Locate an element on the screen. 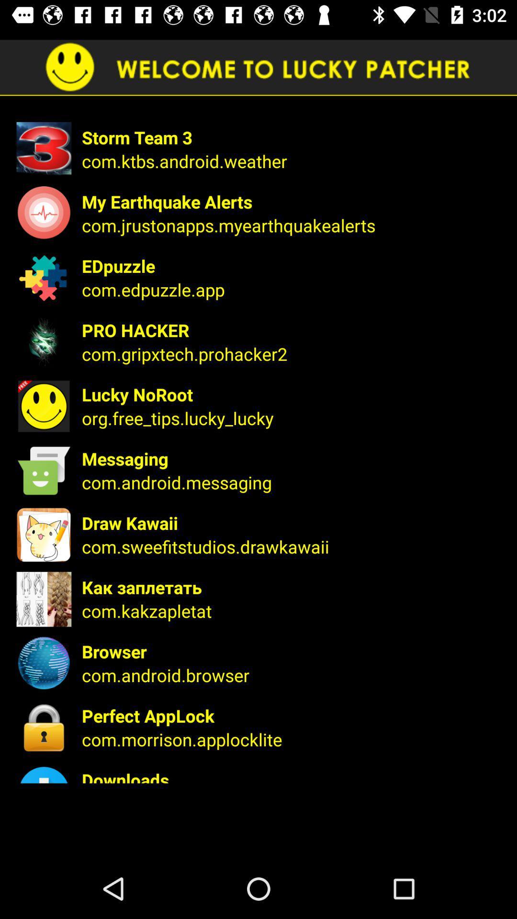 The width and height of the screenshot is (517, 919). the storm team 3 is located at coordinates (292, 137).